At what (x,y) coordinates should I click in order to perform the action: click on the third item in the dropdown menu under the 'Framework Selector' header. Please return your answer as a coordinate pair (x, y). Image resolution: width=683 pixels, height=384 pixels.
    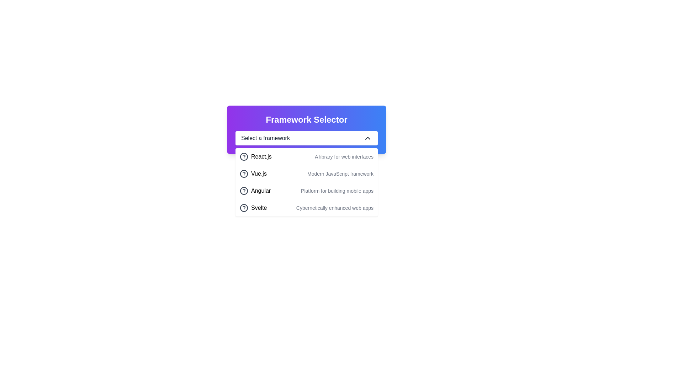
    Looking at the image, I should click on (307, 190).